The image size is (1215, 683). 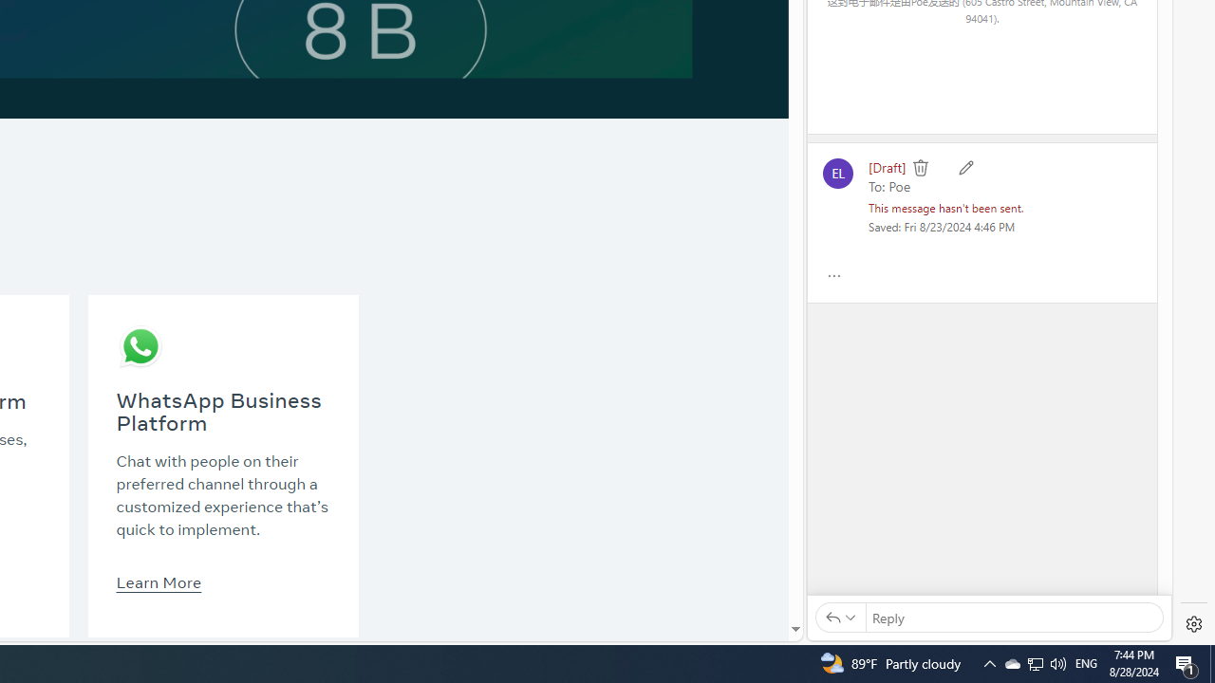 I want to click on 'Show full message', so click(x=833, y=275).